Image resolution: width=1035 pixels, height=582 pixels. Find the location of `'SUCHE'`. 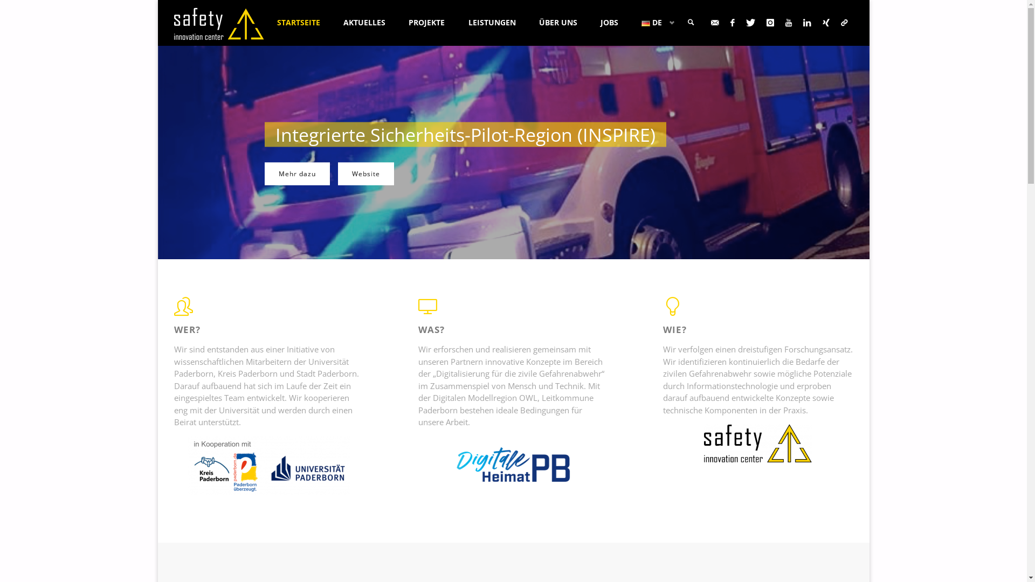

'SUCHE' is located at coordinates (691, 23).